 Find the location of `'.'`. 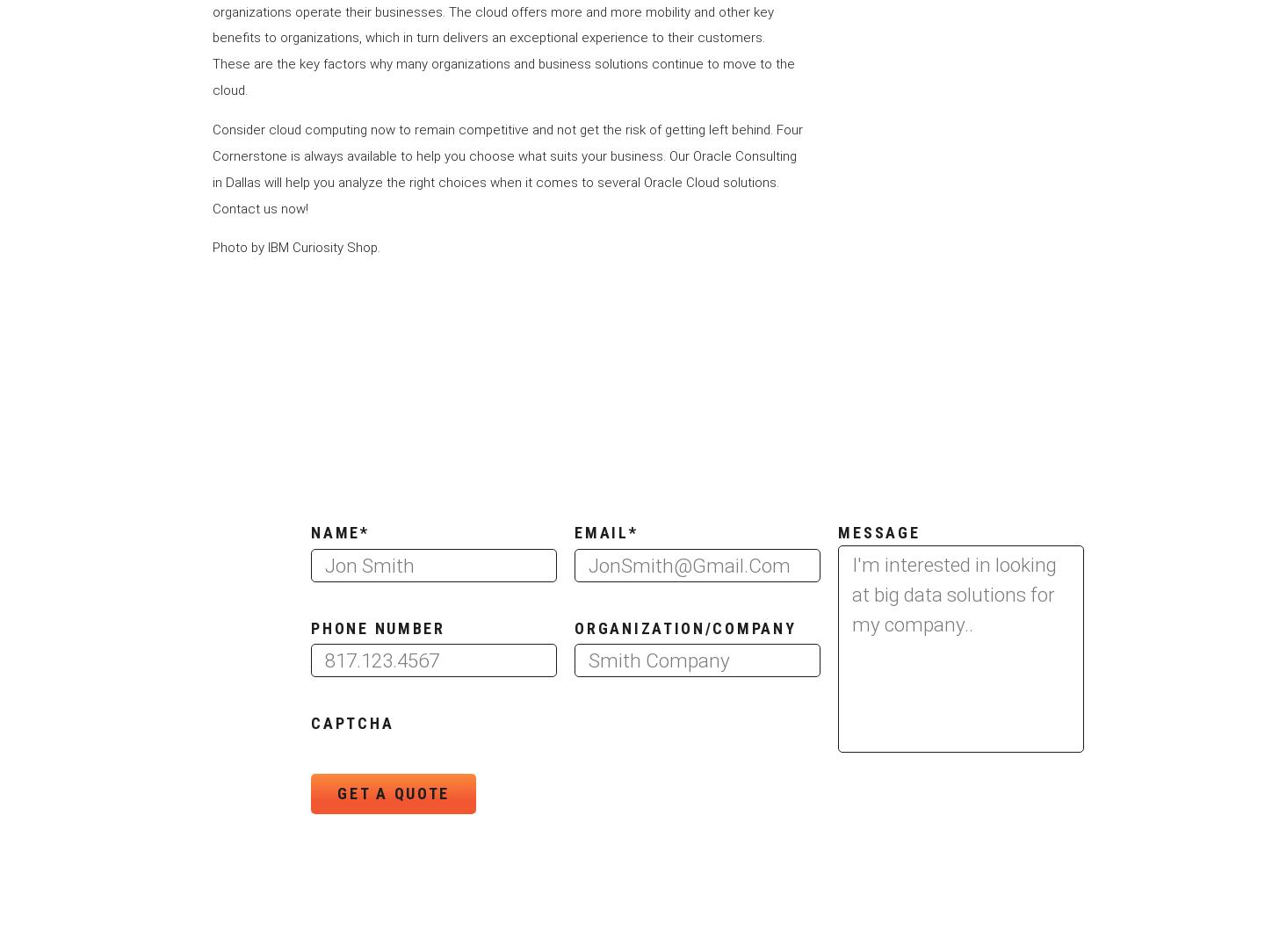

'.' is located at coordinates (378, 246).